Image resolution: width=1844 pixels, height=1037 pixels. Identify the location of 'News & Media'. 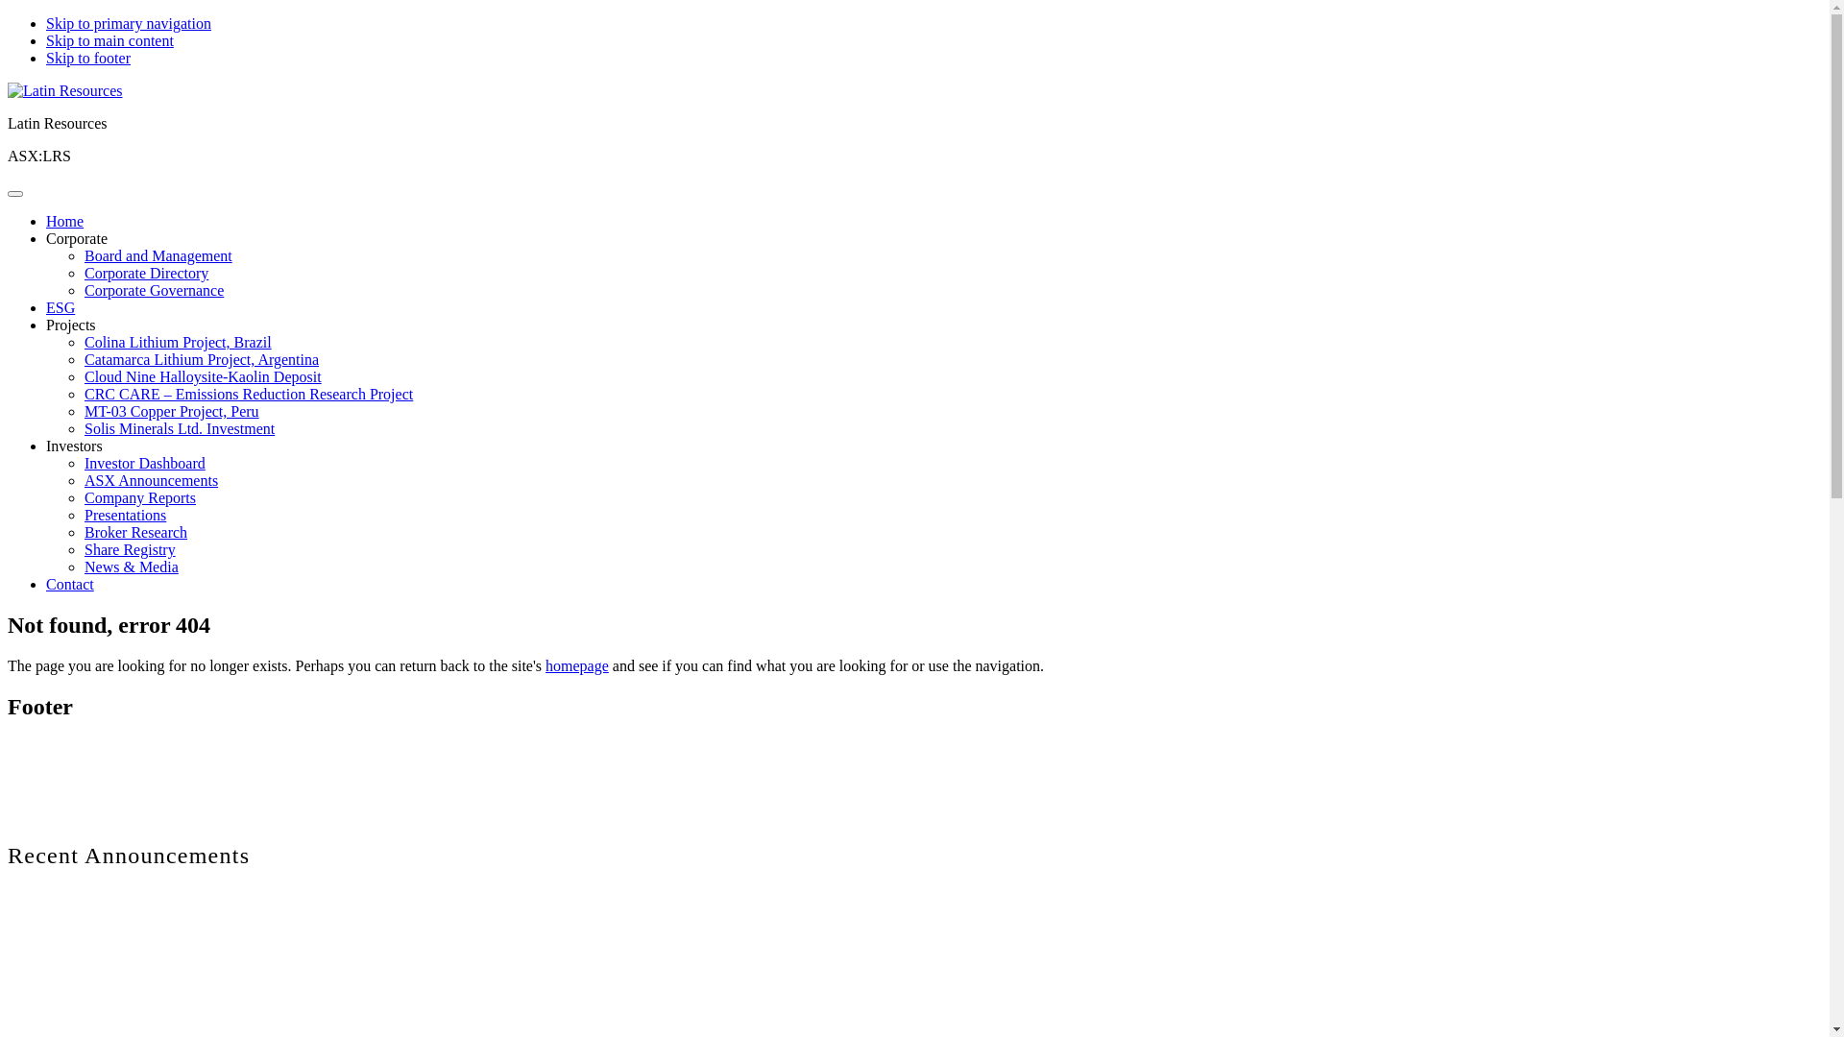
(131, 566).